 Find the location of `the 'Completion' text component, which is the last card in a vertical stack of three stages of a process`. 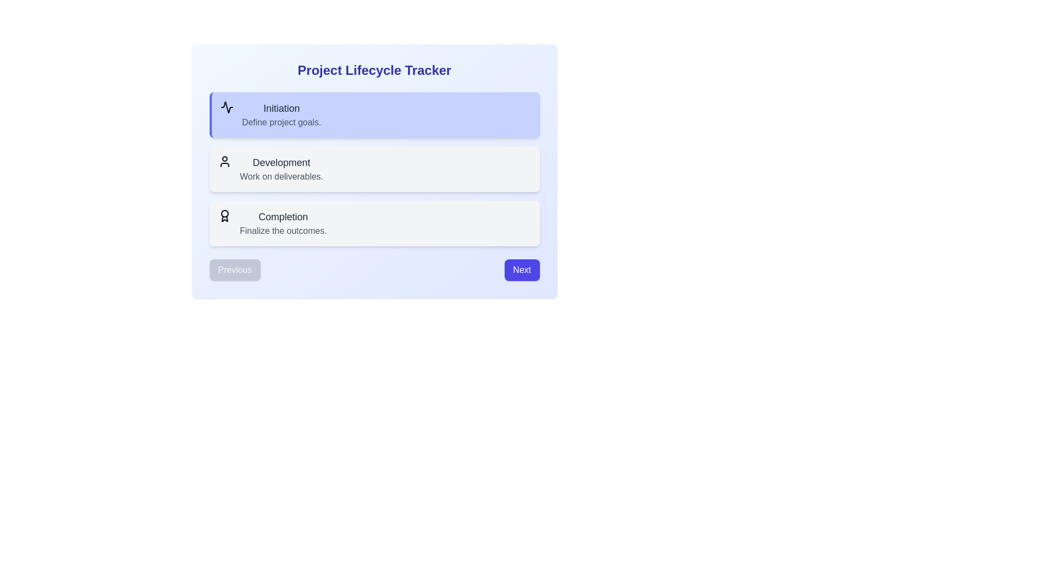

the 'Completion' text component, which is the last card in a vertical stack of three stages of a process is located at coordinates (283, 223).